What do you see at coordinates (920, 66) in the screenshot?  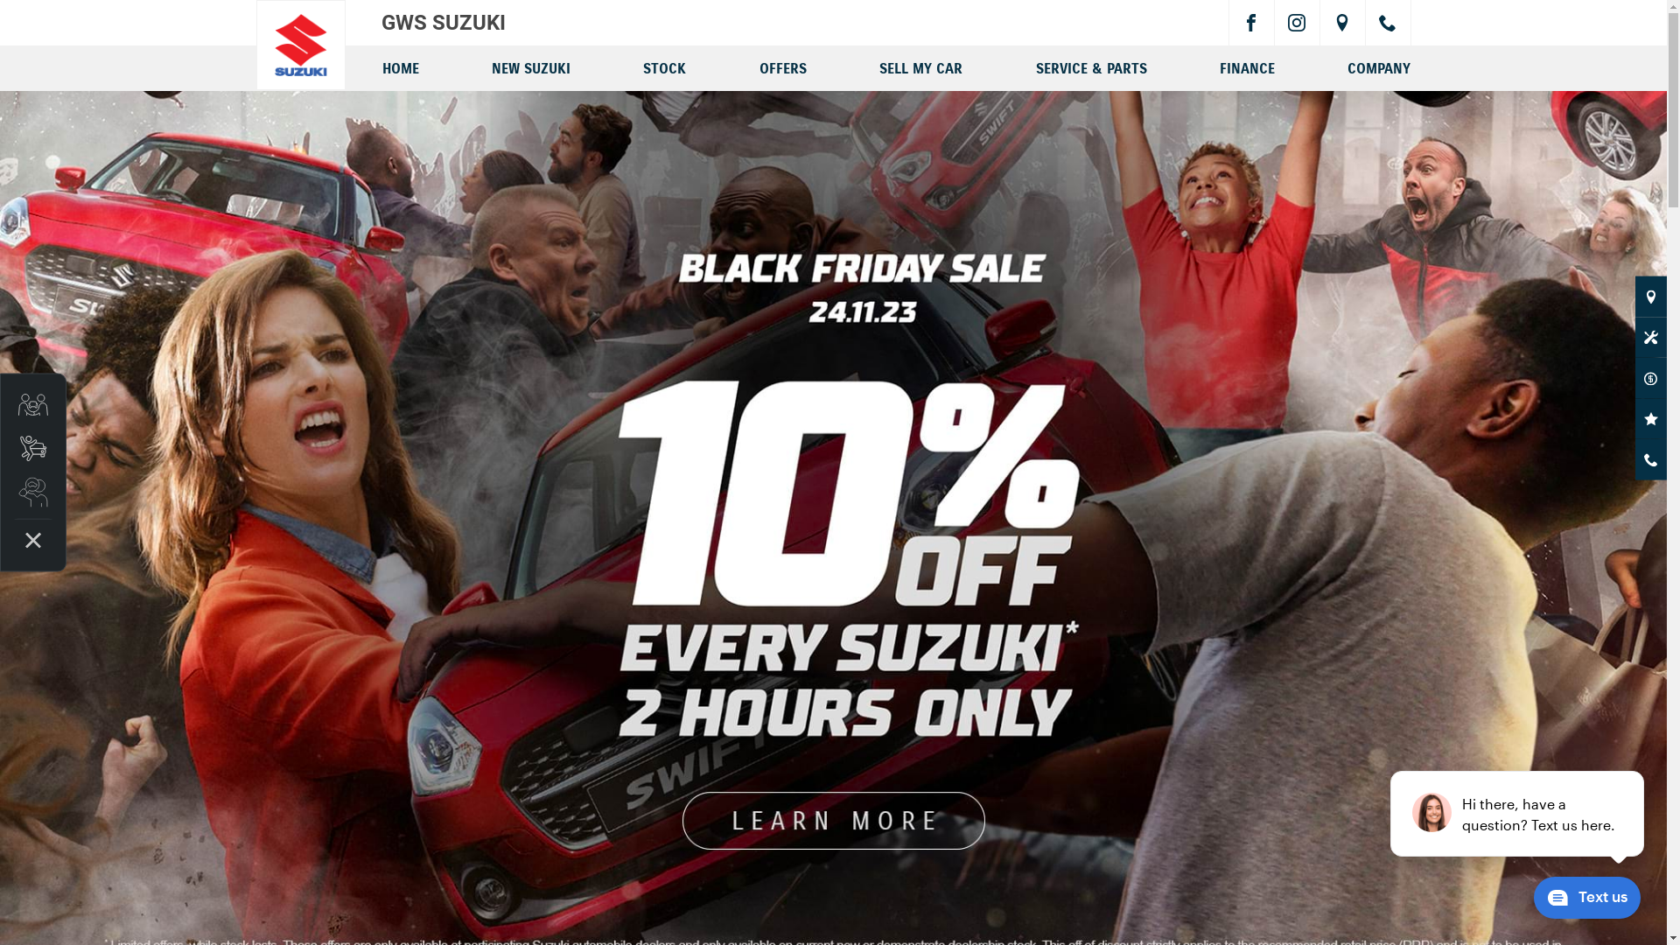 I see `'SELL MY CAR'` at bounding box center [920, 66].